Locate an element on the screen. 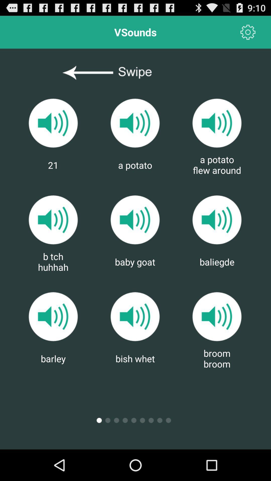 This screenshot has width=271, height=481. swipe to left is located at coordinates (135, 73).